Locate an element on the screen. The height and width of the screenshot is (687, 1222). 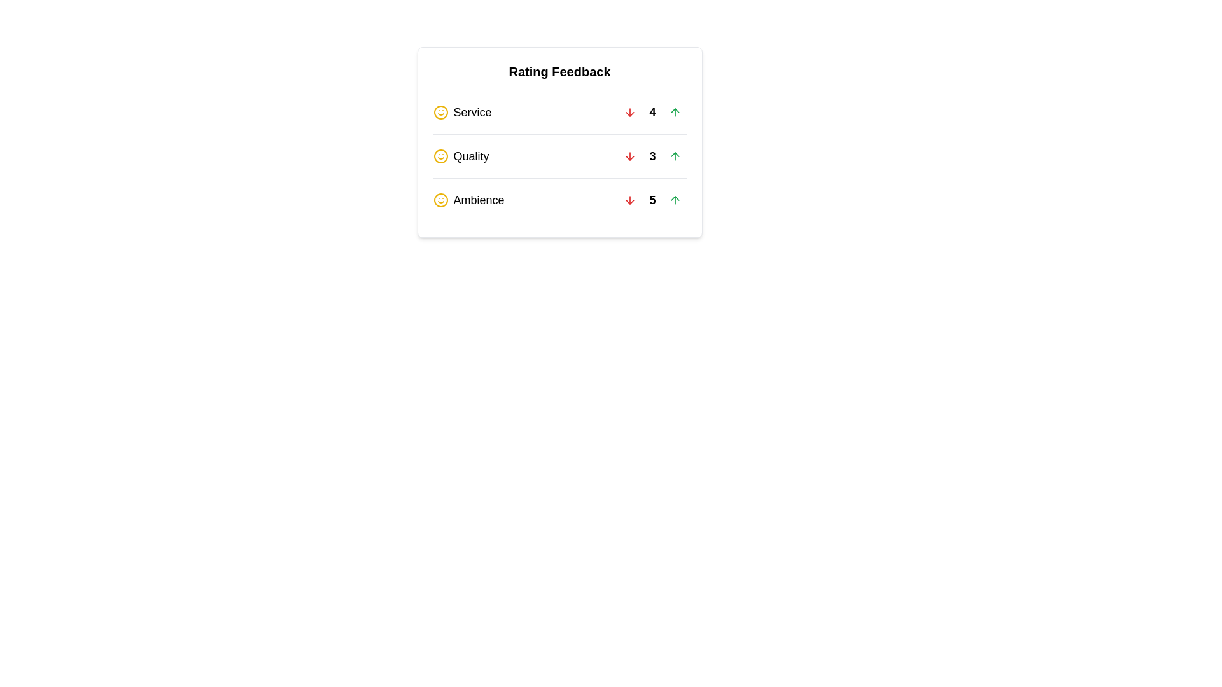
the decrement button for the 'Service' category in the feedback table, located to the left of the score '4' and right of the smiling emoji icon is located at coordinates (630, 112).